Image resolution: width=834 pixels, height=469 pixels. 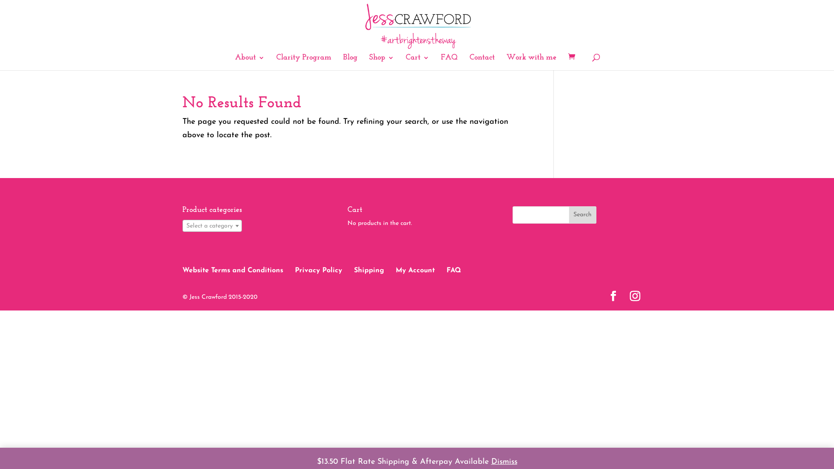 What do you see at coordinates (481, 62) in the screenshot?
I see `'Contact'` at bounding box center [481, 62].